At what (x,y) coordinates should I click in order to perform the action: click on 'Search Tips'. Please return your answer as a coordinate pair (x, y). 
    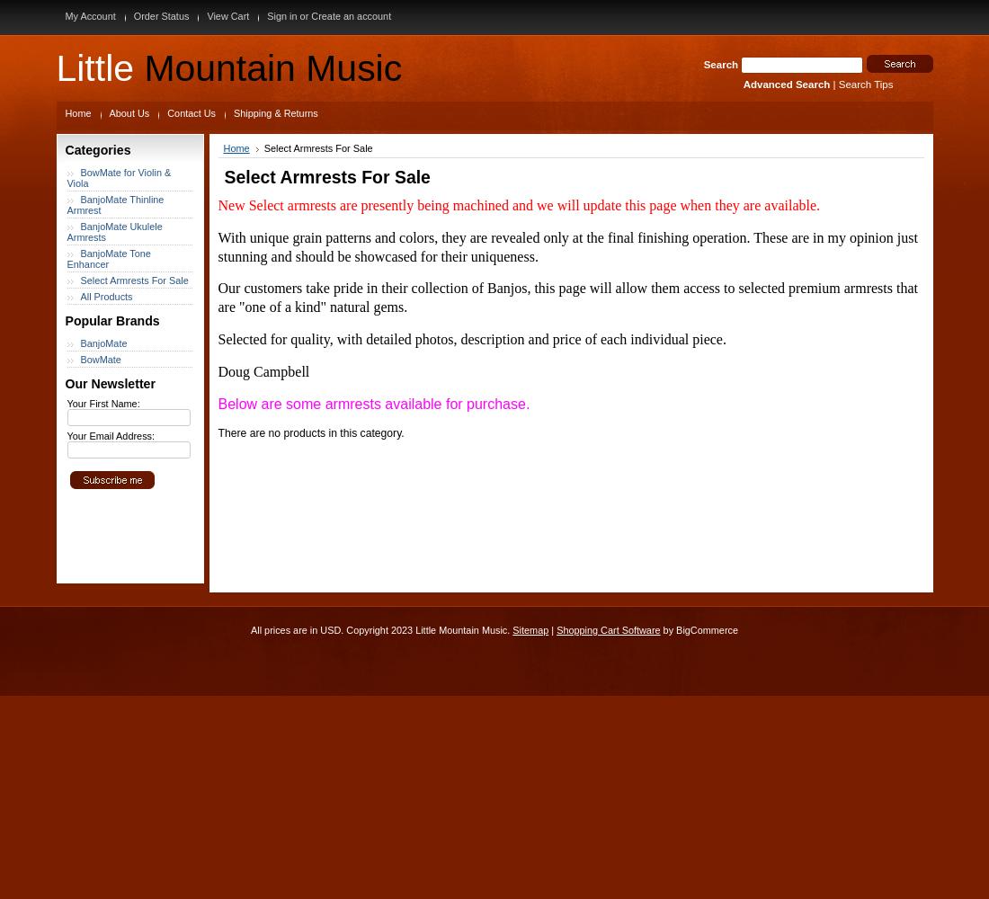
    Looking at the image, I should click on (865, 84).